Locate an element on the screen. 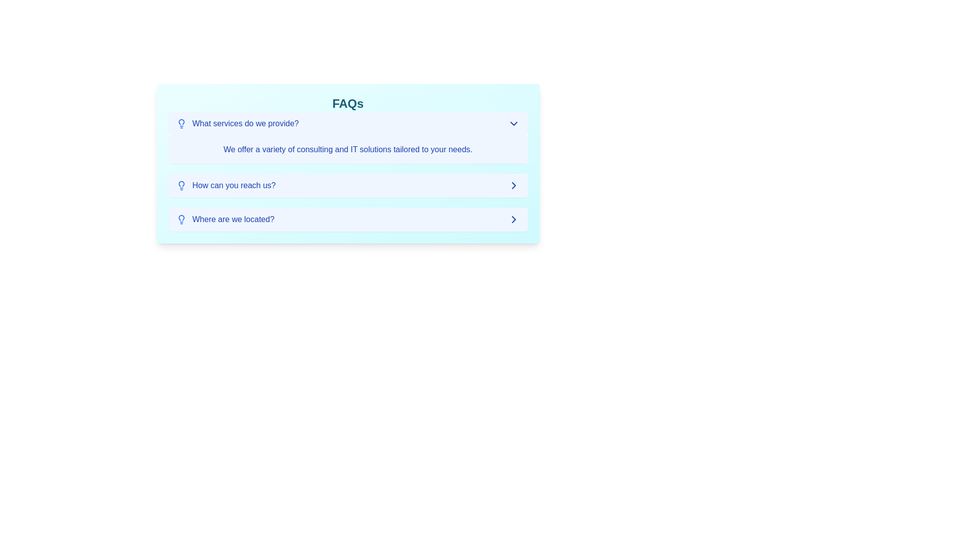  the Interactive FAQ item labeled 'How can you reach us?' is located at coordinates (348, 185).